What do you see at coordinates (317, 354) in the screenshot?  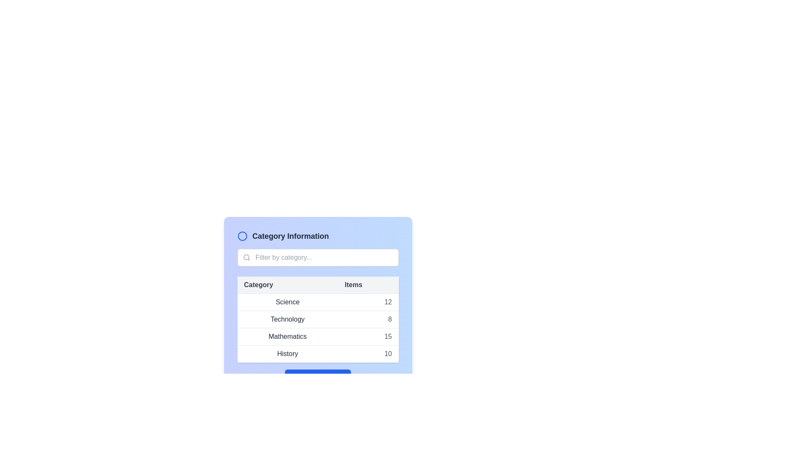 I see `the last row of the table displaying the category name 'History' and count '10'` at bounding box center [317, 354].